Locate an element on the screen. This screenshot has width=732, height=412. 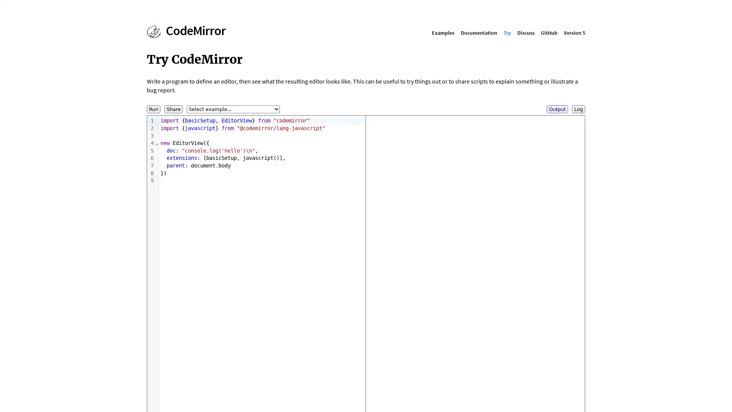
Run is located at coordinates (153, 109).